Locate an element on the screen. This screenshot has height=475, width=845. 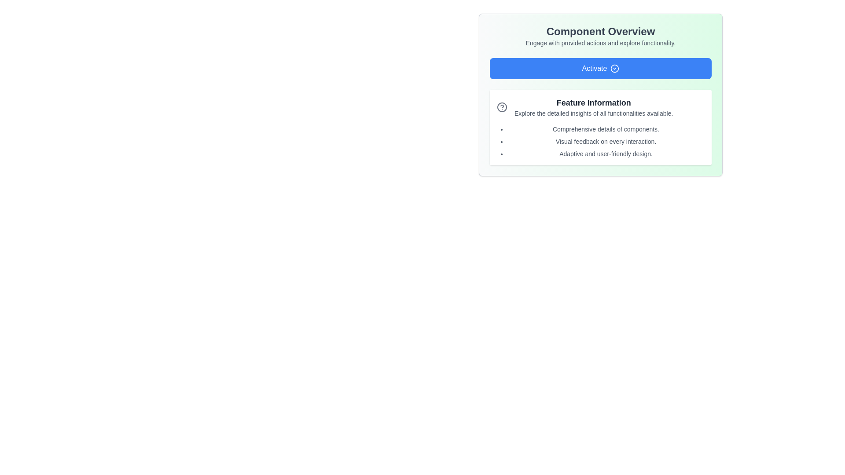
the first list item under the 'Feature Information' section, which displays the text 'Comprehensive details of components.' is located at coordinates (606, 129).